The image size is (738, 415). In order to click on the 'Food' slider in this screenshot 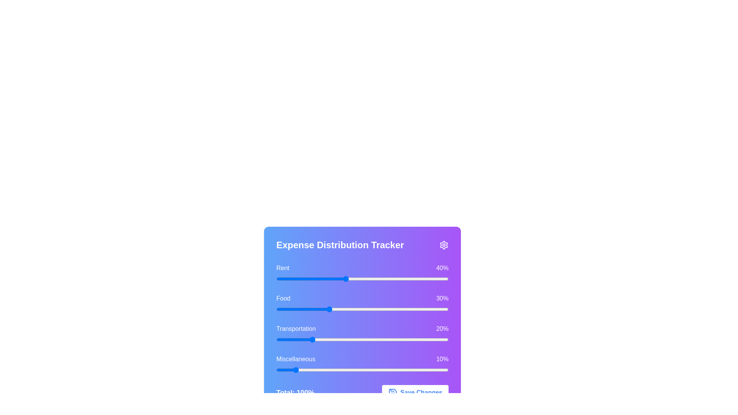, I will do `click(410, 309)`.